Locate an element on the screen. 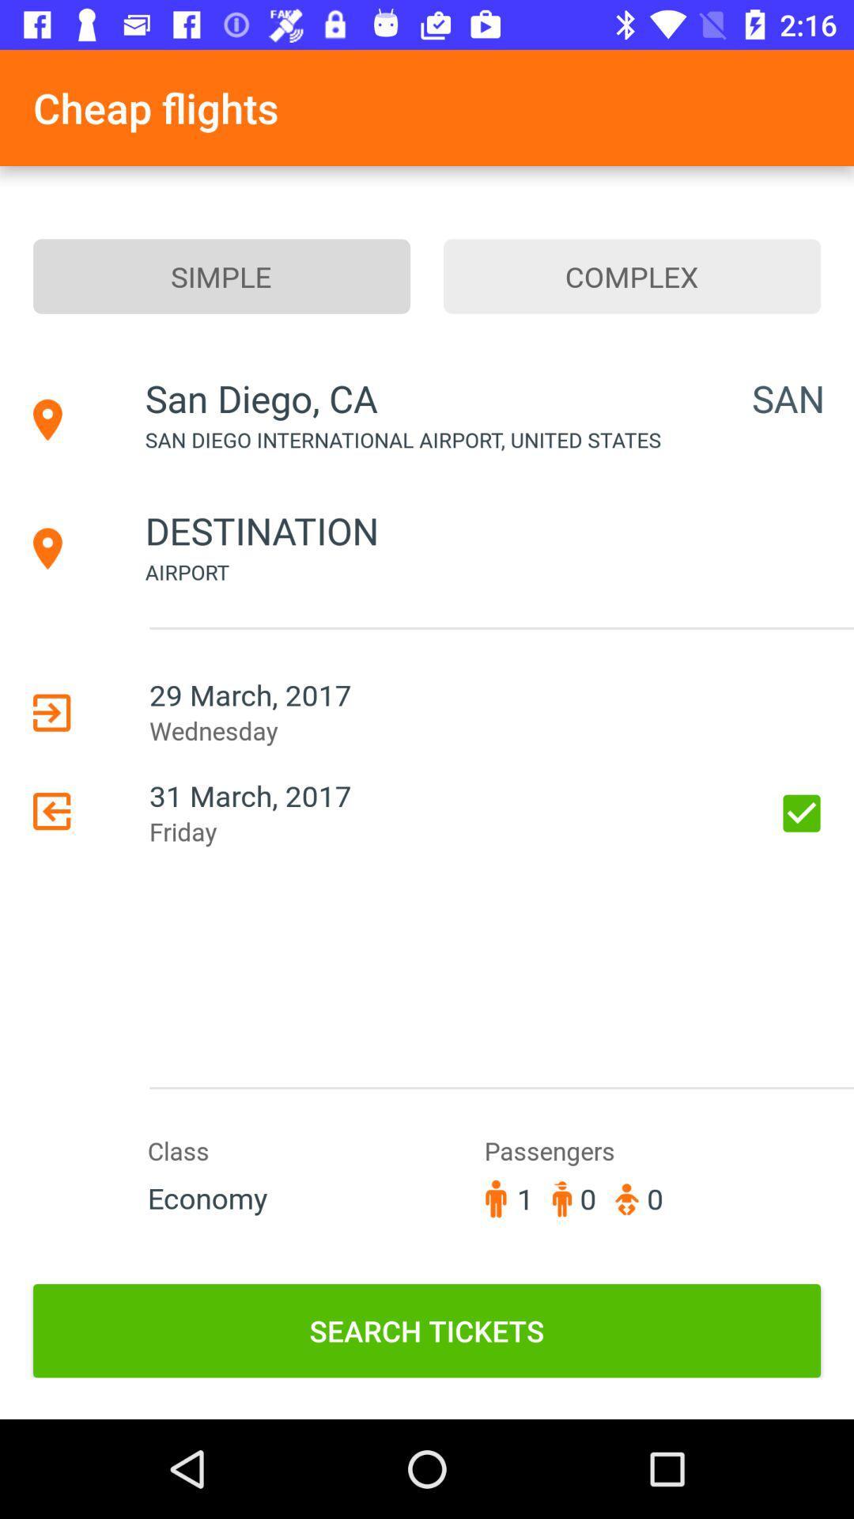 The height and width of the screenshot is (1519, 854). item next to the 31 march, 2017 icon is located at coordinates (802, 813).